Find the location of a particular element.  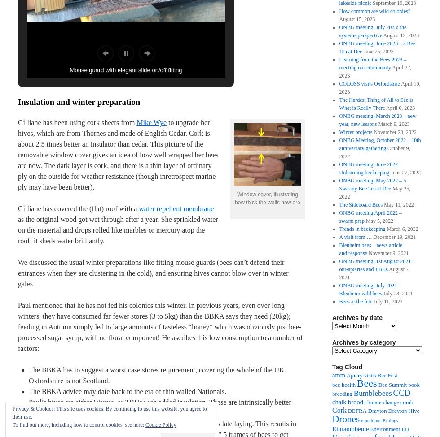

'The BBKA has to suggest a worst case stores requirement, covering the whole of the UK. Oxfordshire is not Scotland.' is located at coordinates (28, 375).